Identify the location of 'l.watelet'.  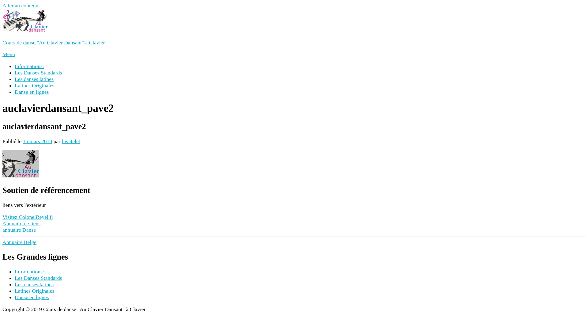
(71, 141).